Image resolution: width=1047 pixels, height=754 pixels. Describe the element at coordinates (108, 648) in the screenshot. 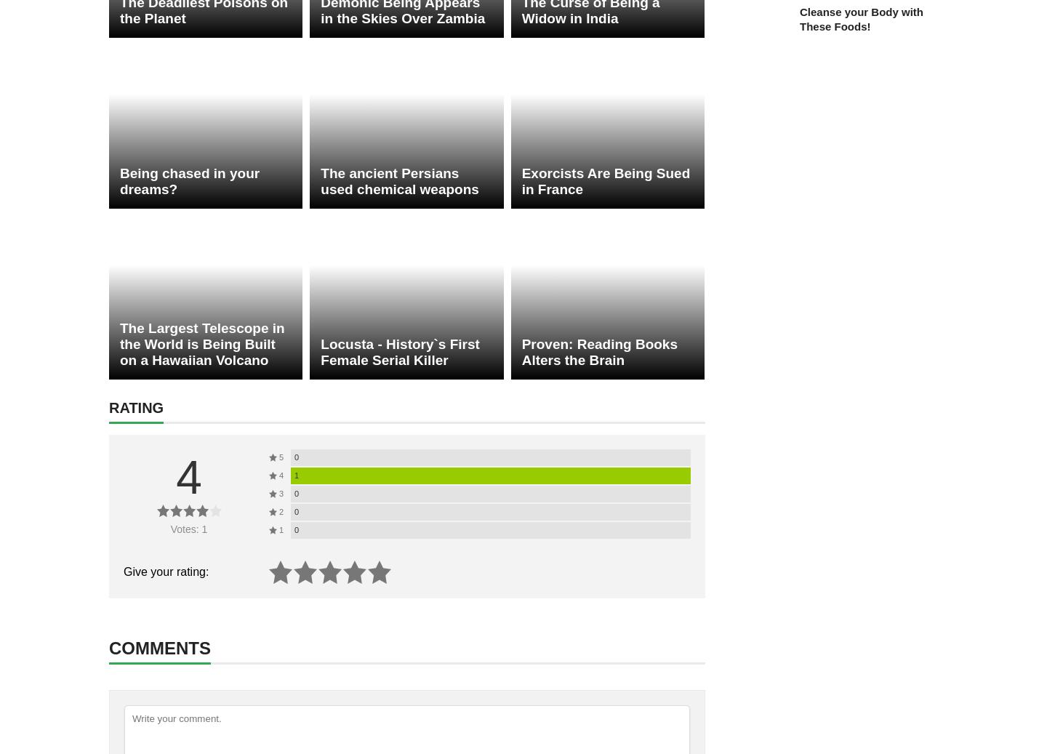

I see `'Comments'` at that location.